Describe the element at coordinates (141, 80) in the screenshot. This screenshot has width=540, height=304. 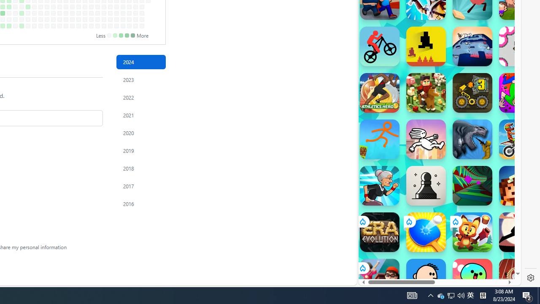
I see `'Contribution activity in 2023'` at that location.